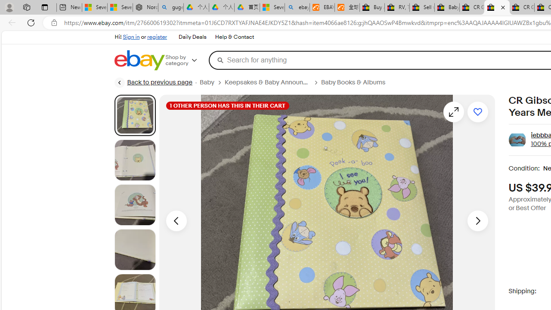 The image size is (551, 310). I want to click on 'Help & Contact', so click(235, 37).